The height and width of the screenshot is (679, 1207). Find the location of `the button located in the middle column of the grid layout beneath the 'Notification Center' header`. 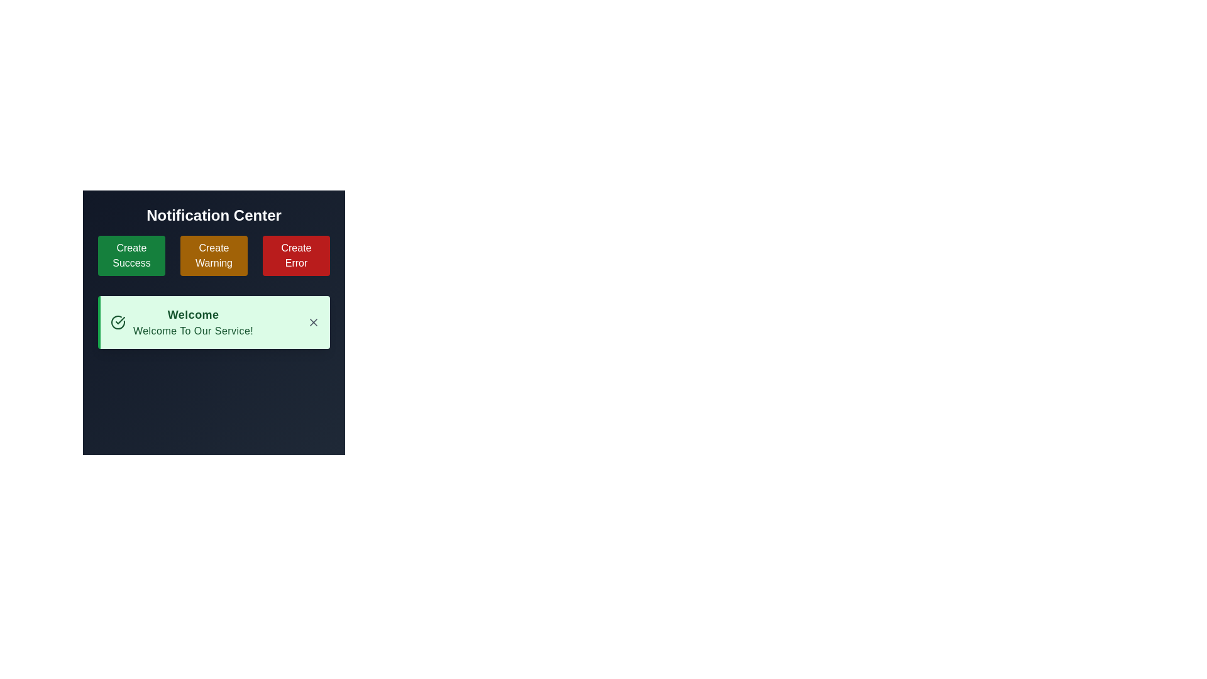

the button located in the middle column of the grid layout beneath the 'Notification Center' header is located at coordinates (214, 255).